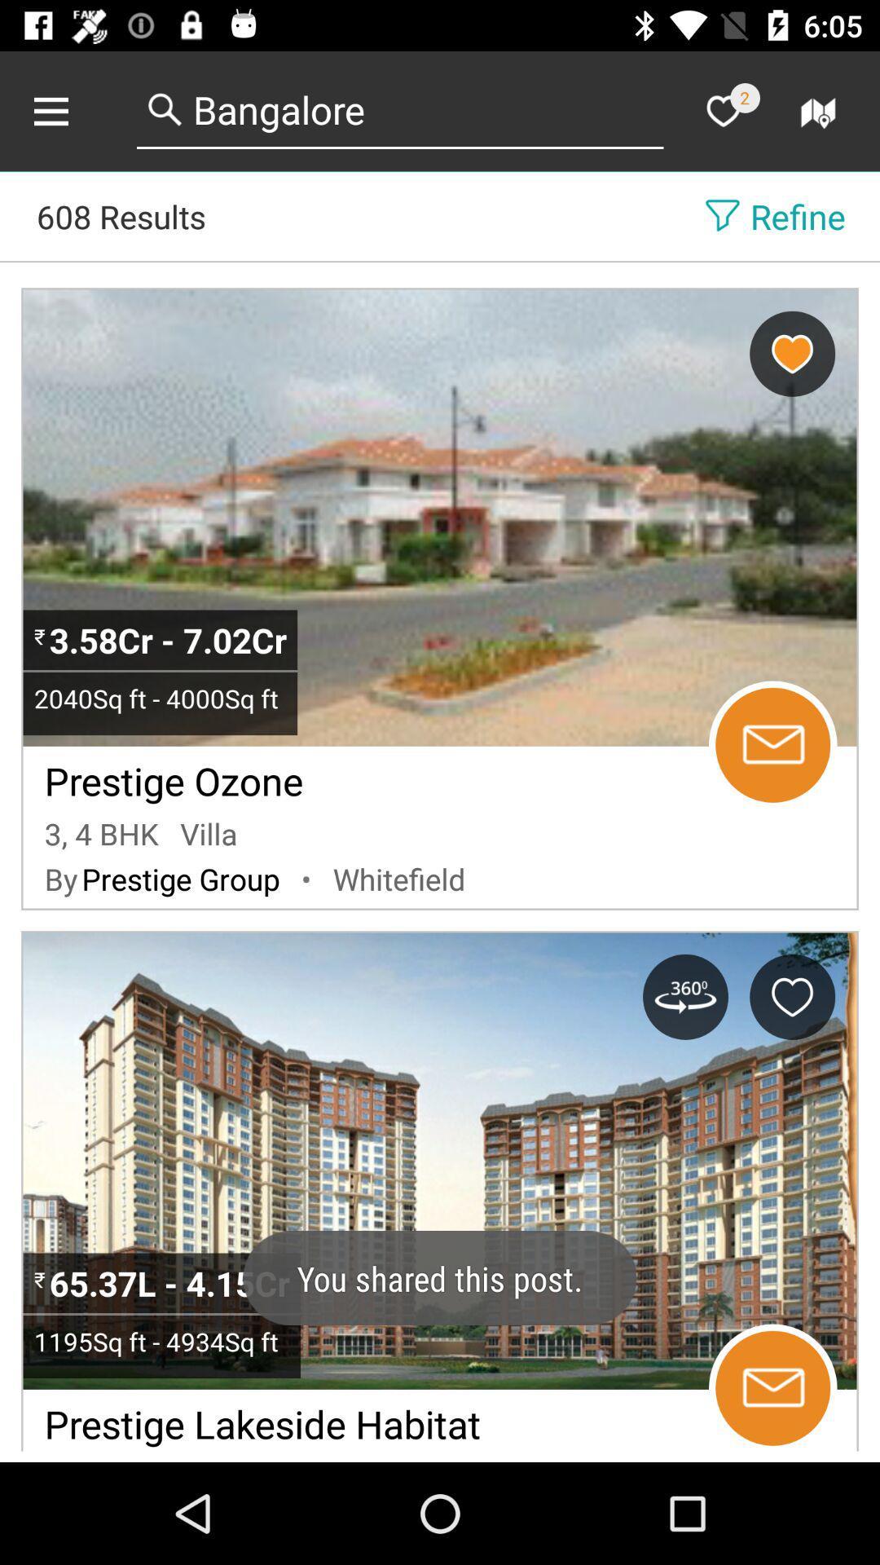 The height and width of the screenshot is (1565, 880). I want to click on the 1195sq ft 4934sq, so click(161, 1341).